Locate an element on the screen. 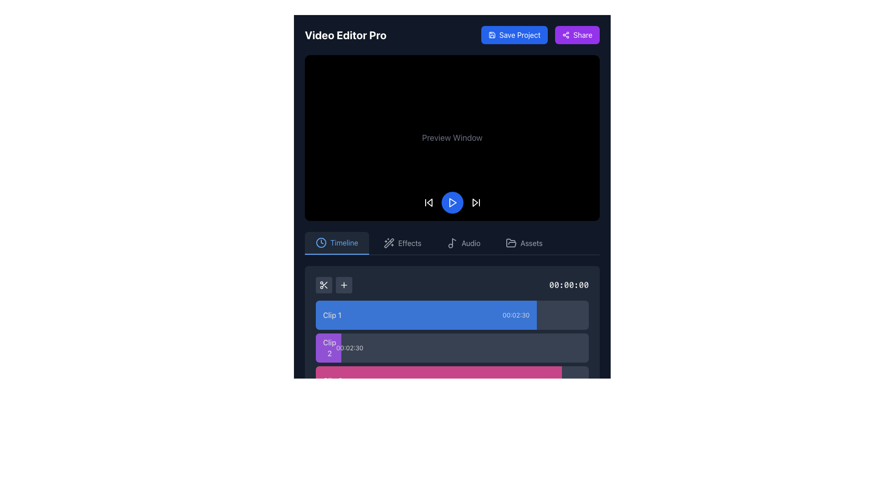 This screenshot has height=492, width=875. the button located in the timeline section of the video editor, positioned to the right of the scissor-shaped button, to observe its hover effect is located at coordinates (343, 284).